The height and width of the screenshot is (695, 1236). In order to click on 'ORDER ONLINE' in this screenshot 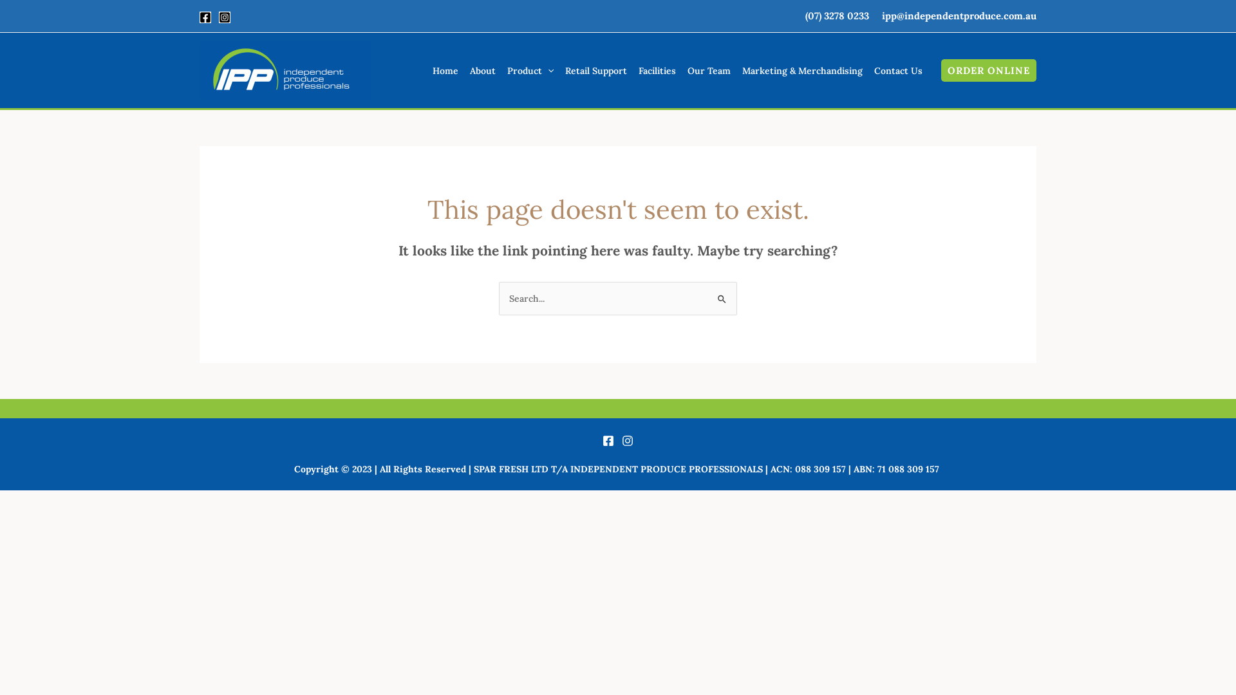, I will do `click(988, 70)`.